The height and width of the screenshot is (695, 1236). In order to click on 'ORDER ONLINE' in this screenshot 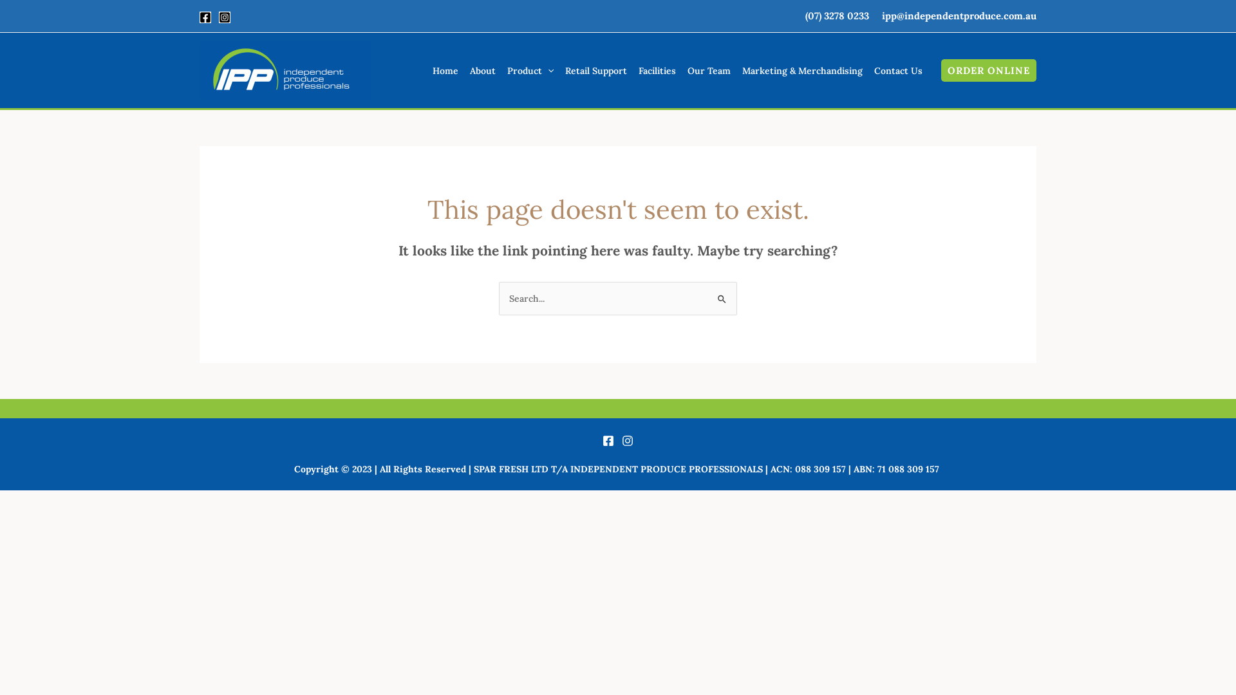, I will do `click(988, 70)`.